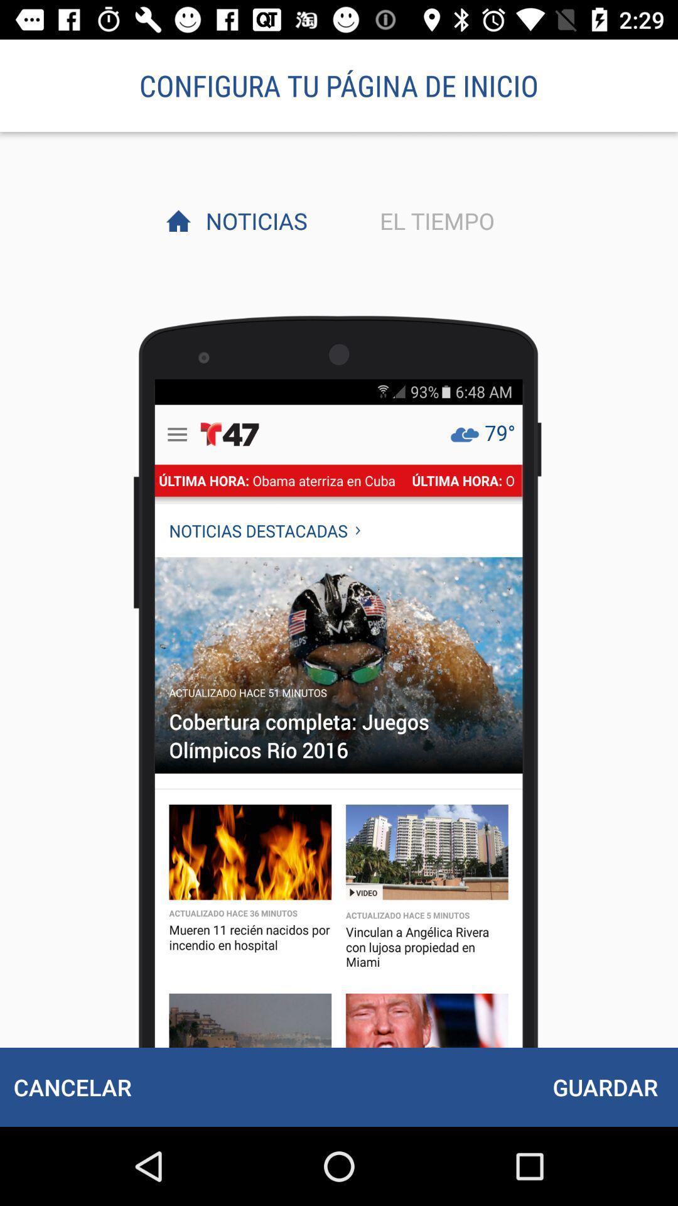 The height and width of the screenshot is (1206, 678). Describe the element at coordinates (605, 1087) in the screenshot. I see `item below el tiempo` at that location.